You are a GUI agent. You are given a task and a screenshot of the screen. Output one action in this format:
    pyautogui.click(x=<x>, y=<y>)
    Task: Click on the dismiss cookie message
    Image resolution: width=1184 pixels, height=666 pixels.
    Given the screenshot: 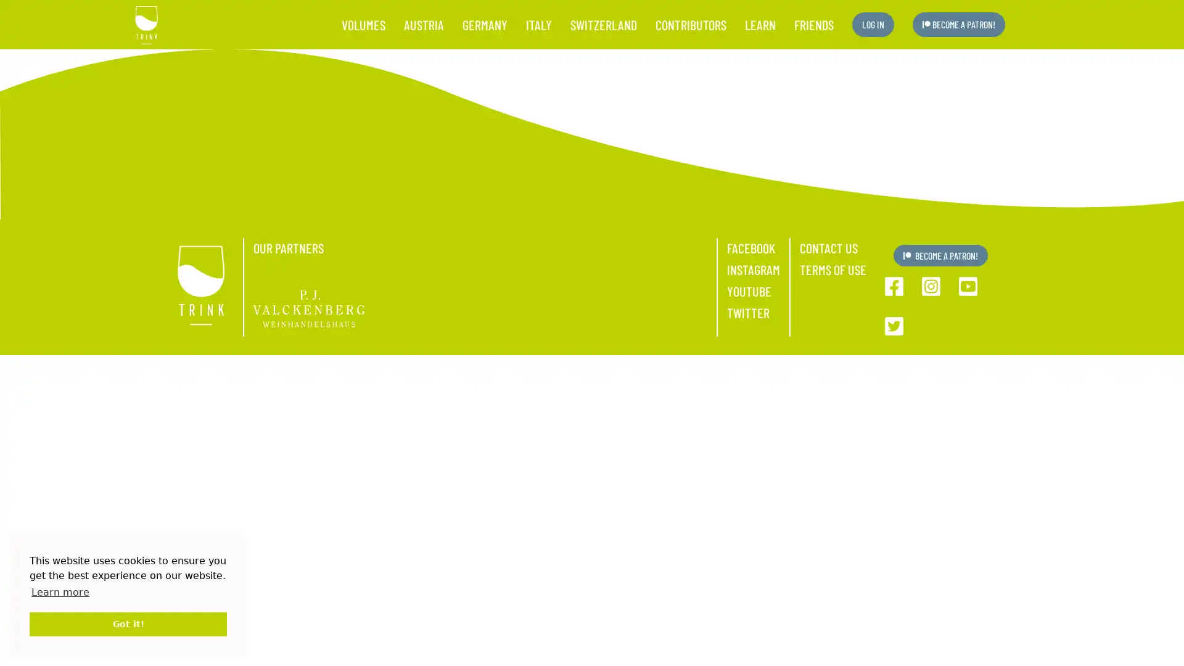 What is the action you would take?
    pyautogui.click(x=128, y=623)
    